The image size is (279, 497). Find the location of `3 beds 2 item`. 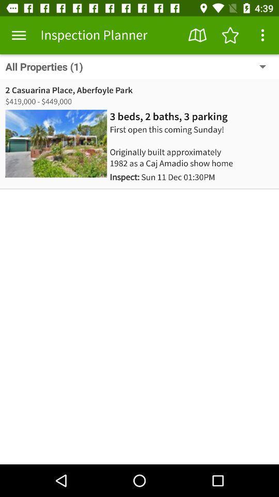

3 beds 2 item is located at coordinates (168, 116).